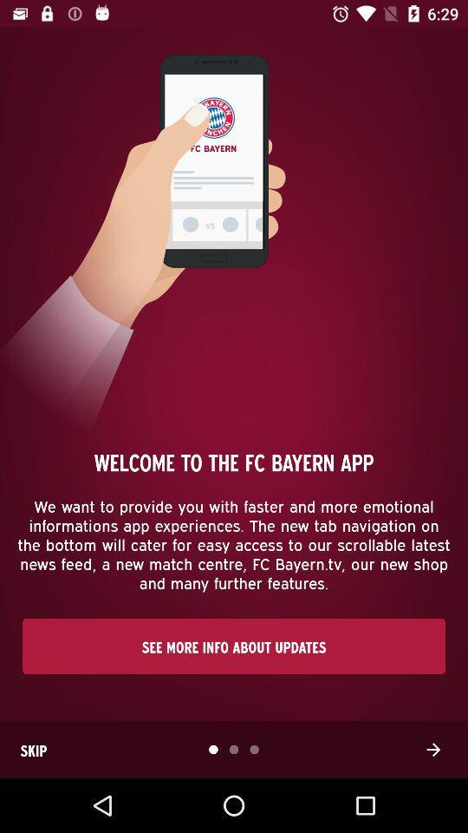  What do you see at coordinates (432, 749) in the screenshot?
I see `the arrow_forward icon` at bounding box center [432, 749].